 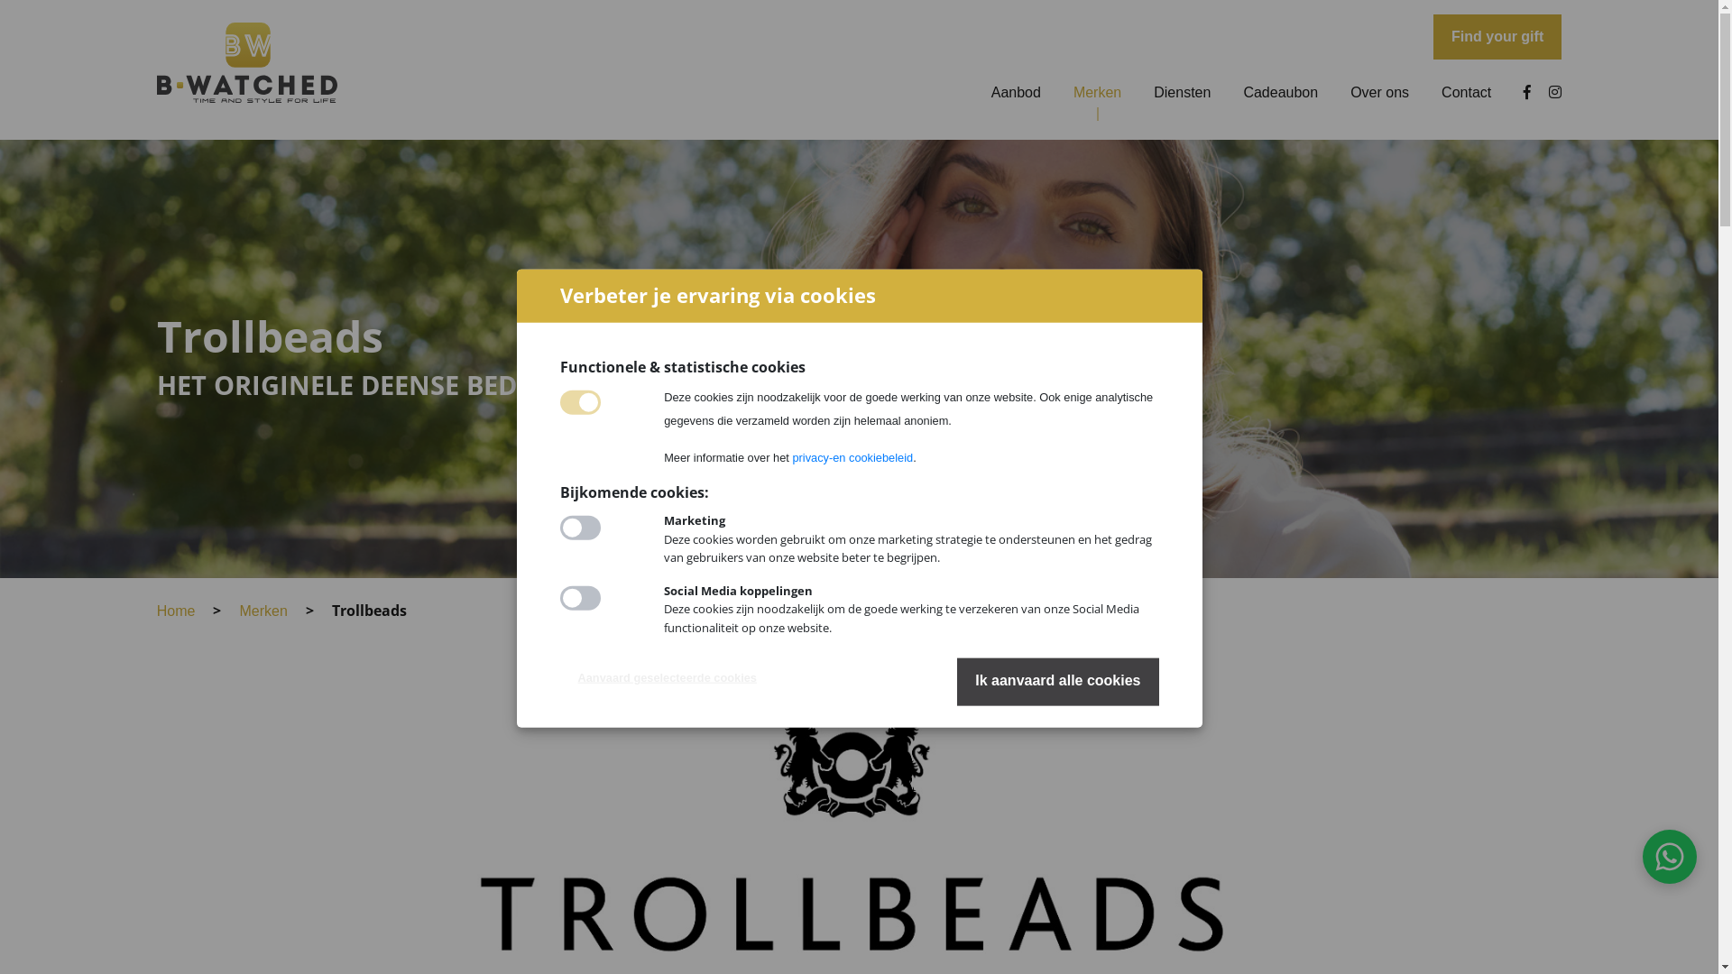 What do you see at coordinates (237, 610) in the screenshot?
I see `'Merken'` at bounding box center [237, 610].